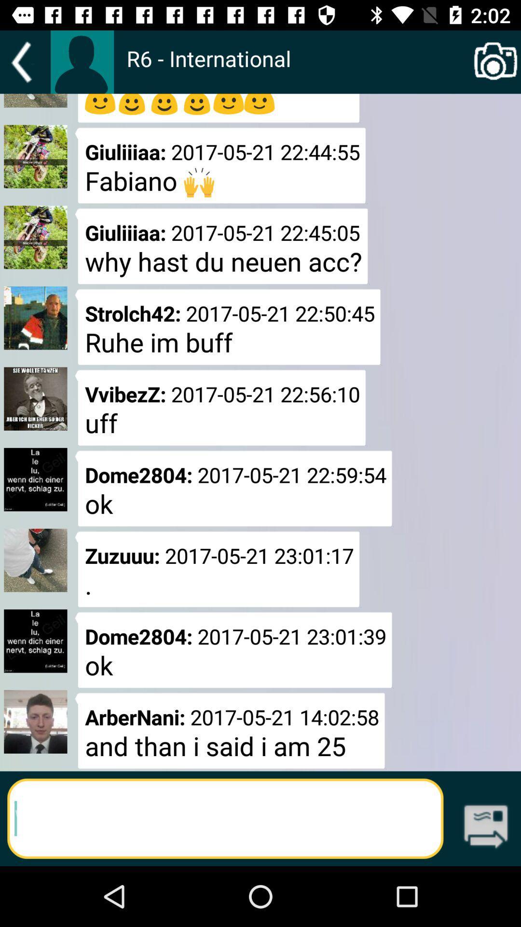 This screenshot has width=521, height=927. I want to click on the icon below the r6 - international app, so click(486, 827).